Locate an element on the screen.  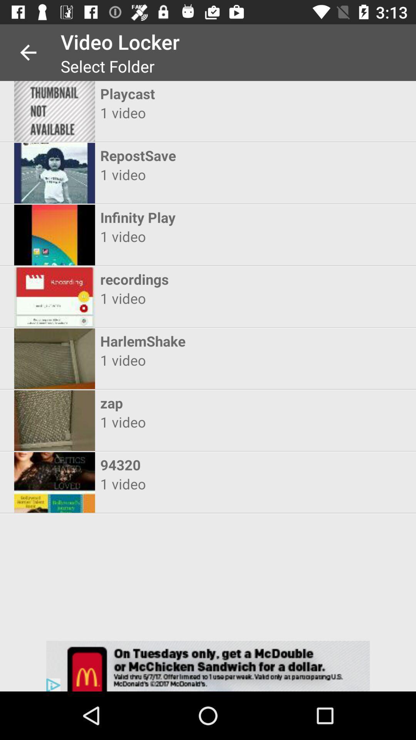
app to the left of video locker app is located at coordinates (28, 52).